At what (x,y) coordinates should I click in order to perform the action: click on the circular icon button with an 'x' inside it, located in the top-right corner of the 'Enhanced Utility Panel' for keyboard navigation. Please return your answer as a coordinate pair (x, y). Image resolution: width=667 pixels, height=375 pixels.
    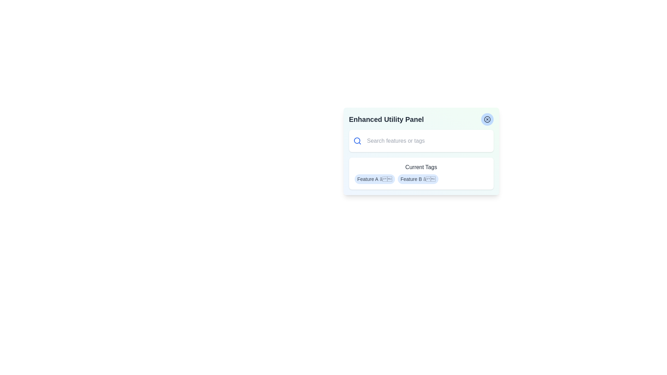
    Looking at the image, I should click on (487, 119).